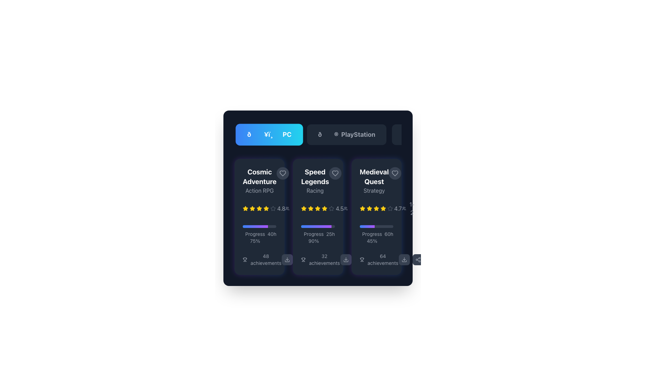 Image resolution: width=663 pixels, height=373 pixels. Describe the element at coordinates (395, 173) in the screenshot. I see `the heart-shaped icon outlined in light gray located in the top-right section of the 'Medieval Quest' card` at that location.